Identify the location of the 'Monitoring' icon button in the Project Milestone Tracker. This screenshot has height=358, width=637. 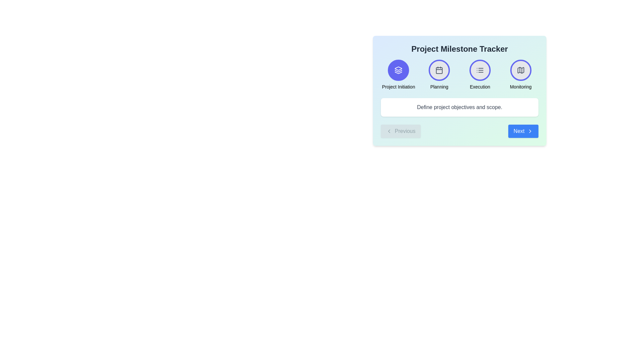
(520, 70).